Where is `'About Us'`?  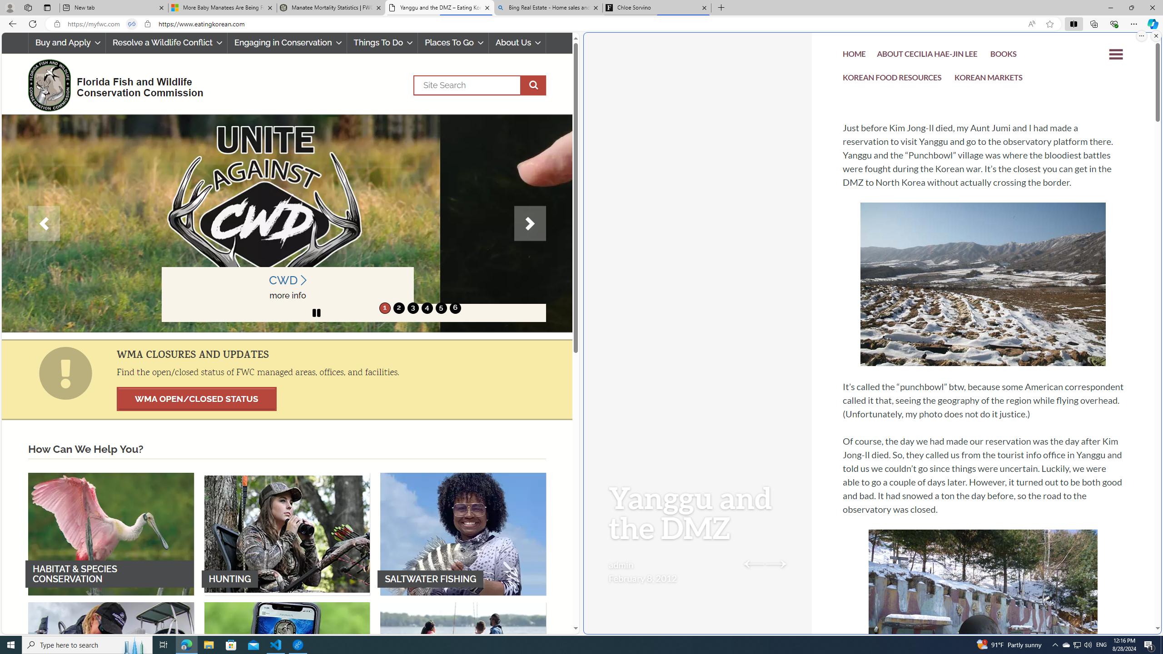
'About Us' is located at coordinates (517, 42).